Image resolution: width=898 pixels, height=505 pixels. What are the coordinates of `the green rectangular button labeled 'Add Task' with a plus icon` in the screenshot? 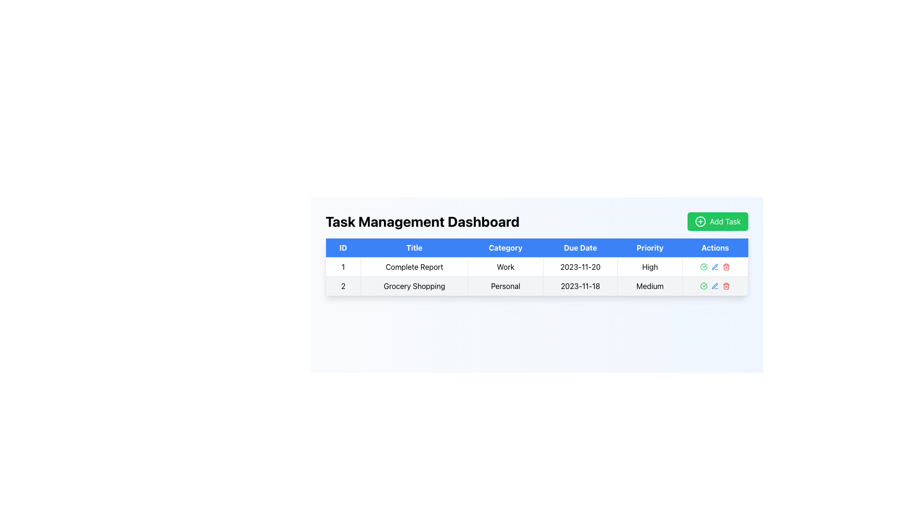 It's located at (717, 222).